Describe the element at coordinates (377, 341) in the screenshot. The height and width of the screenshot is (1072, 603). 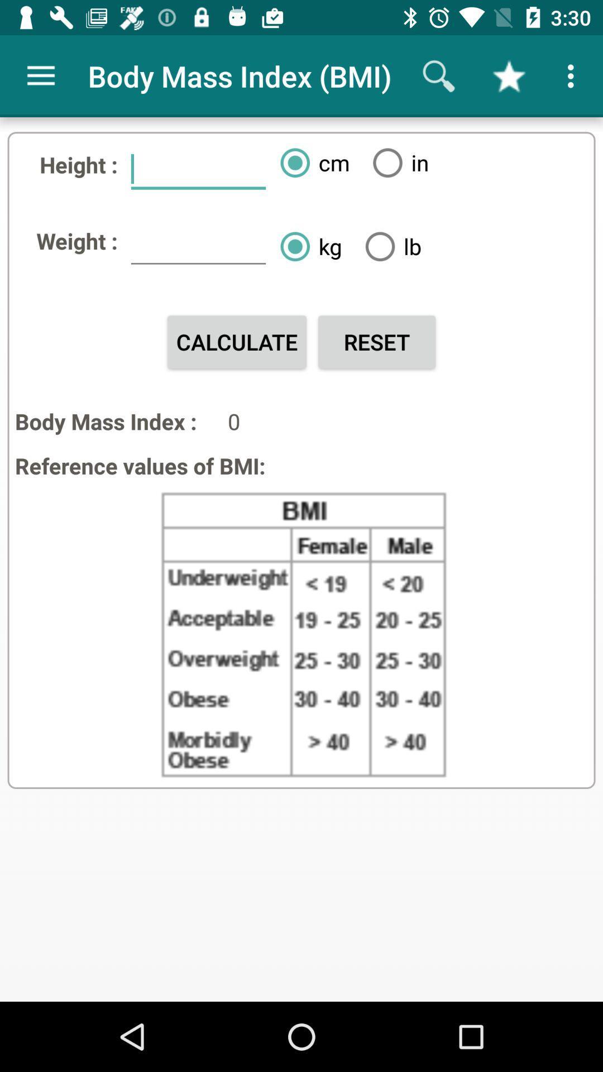
I see `item next to the calculate` at that location.